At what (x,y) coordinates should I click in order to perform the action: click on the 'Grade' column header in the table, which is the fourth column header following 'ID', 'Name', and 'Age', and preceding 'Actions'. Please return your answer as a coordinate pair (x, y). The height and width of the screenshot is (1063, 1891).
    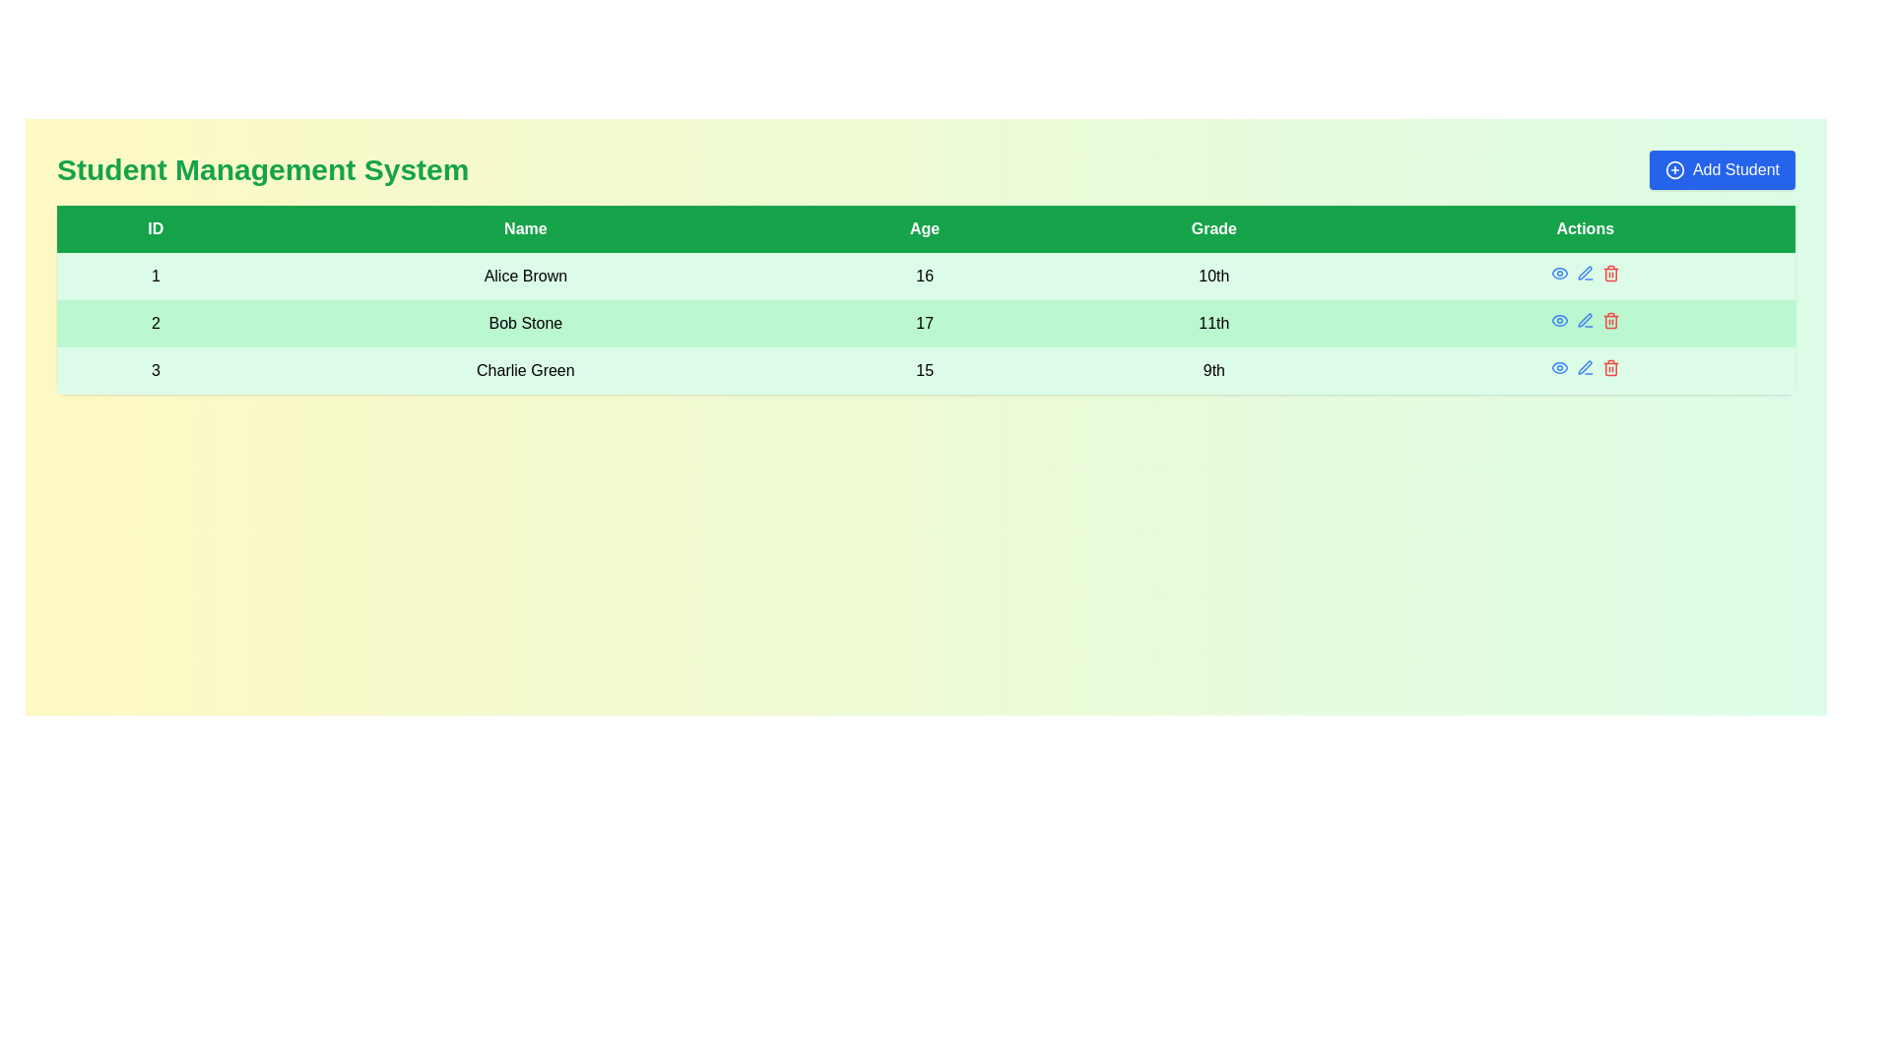
    Looking at the image, I should click on (1212, 227).